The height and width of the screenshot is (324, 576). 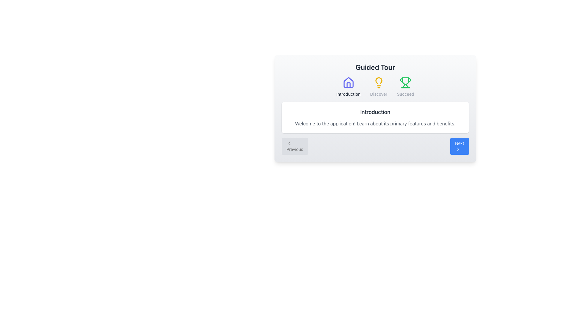 What do you see at coordinates (348, 94) in the screenshot?
I see `the text label indicating the 'Introduction' section located below the house-shaped icon` at bounding box center [348, 94].